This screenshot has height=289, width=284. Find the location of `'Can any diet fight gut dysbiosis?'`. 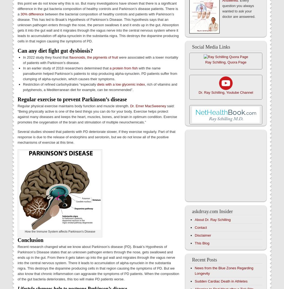

'Can any diet fight gut dysbiosis?' is located at coordinates (55, 50).